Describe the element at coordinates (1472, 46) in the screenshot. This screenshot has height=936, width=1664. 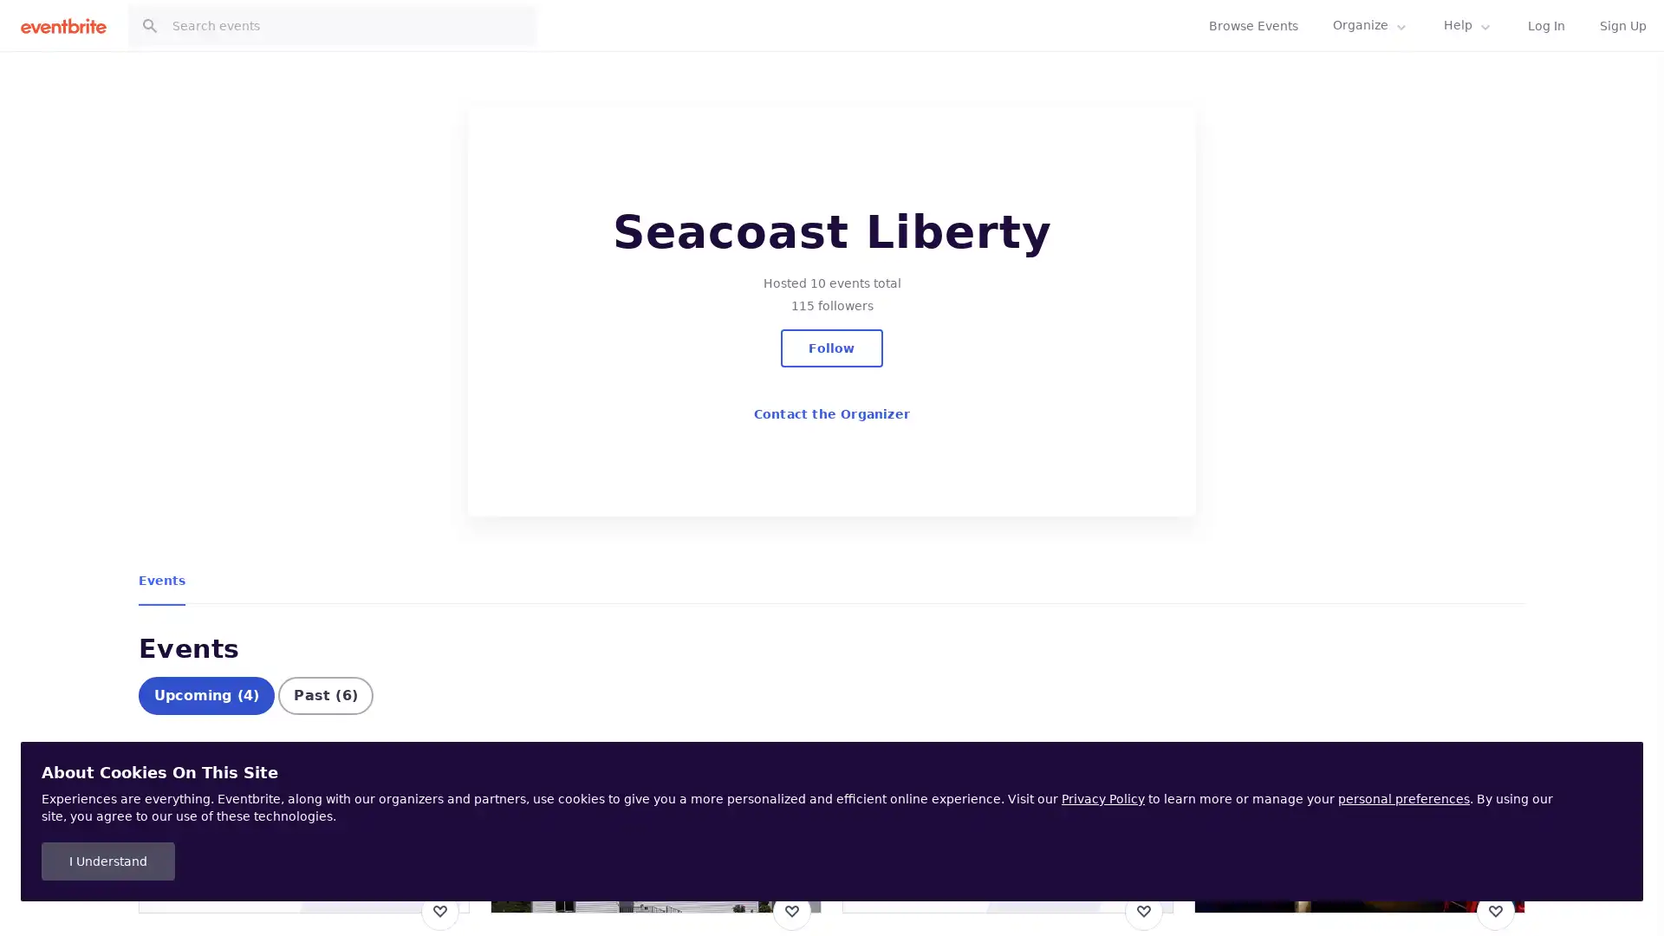
I see `Follow` at that location.